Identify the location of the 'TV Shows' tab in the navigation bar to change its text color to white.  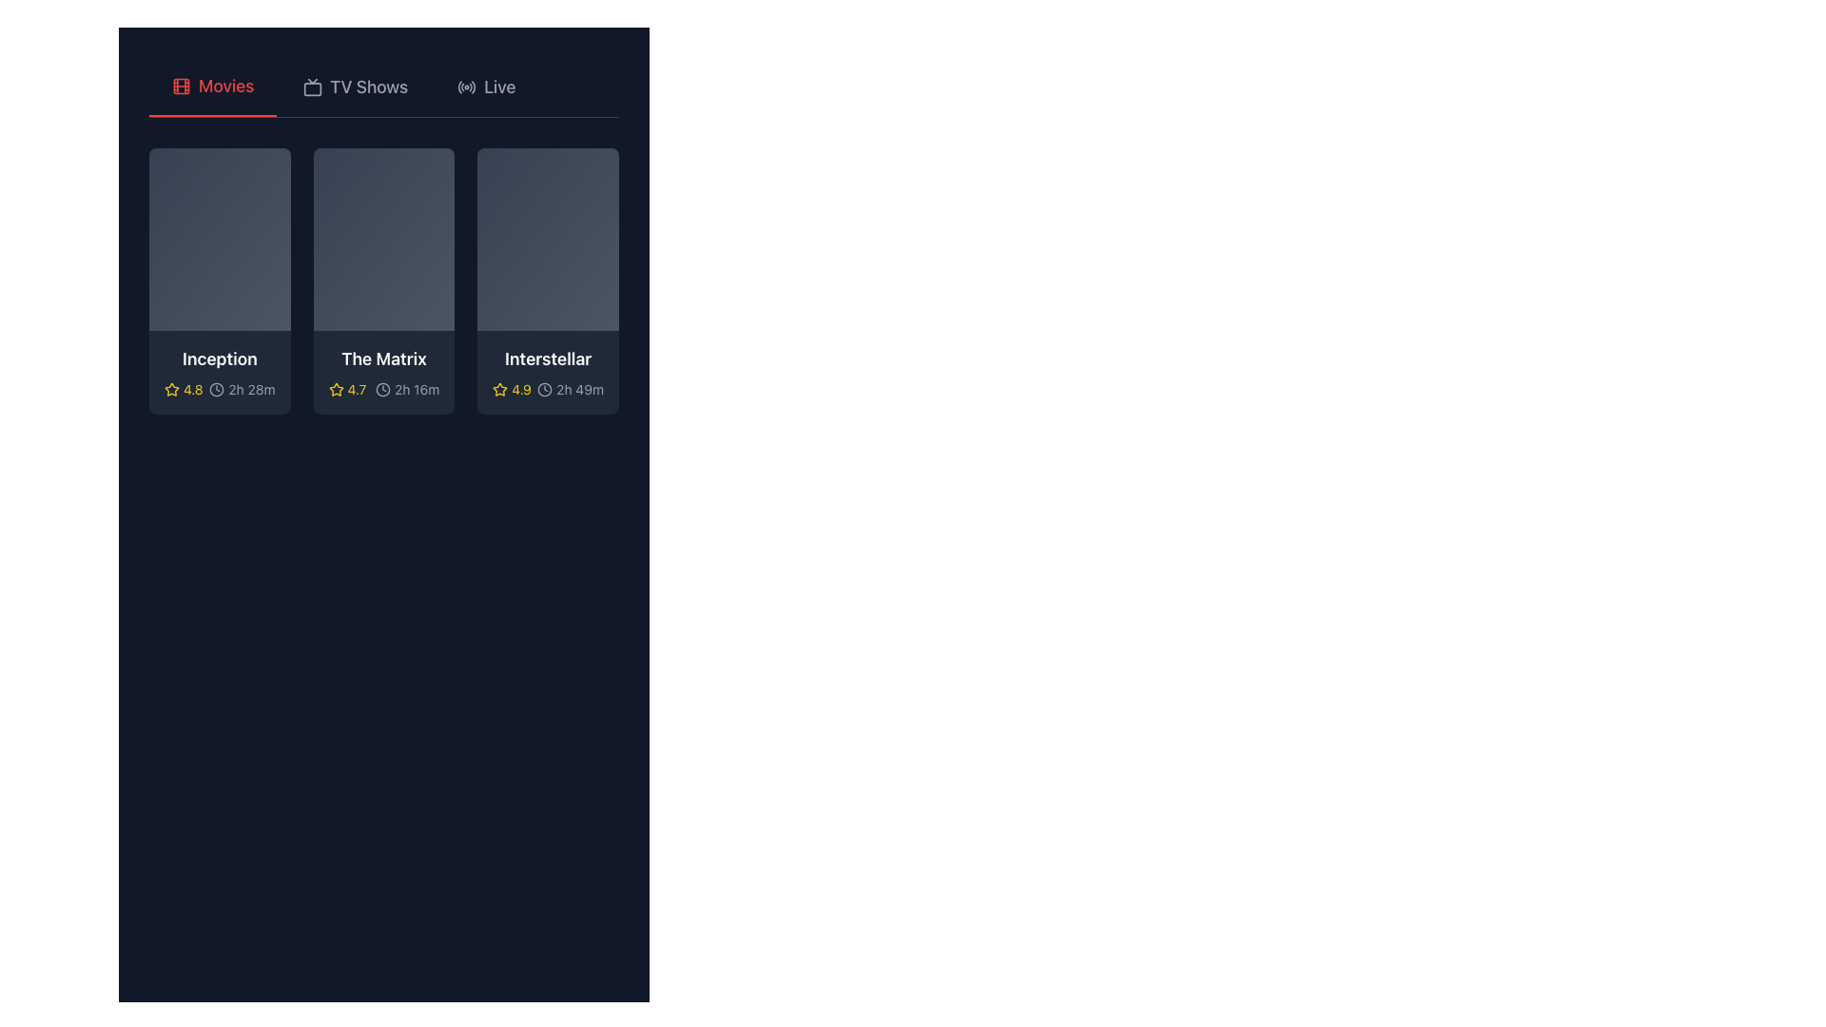
(356, 87).